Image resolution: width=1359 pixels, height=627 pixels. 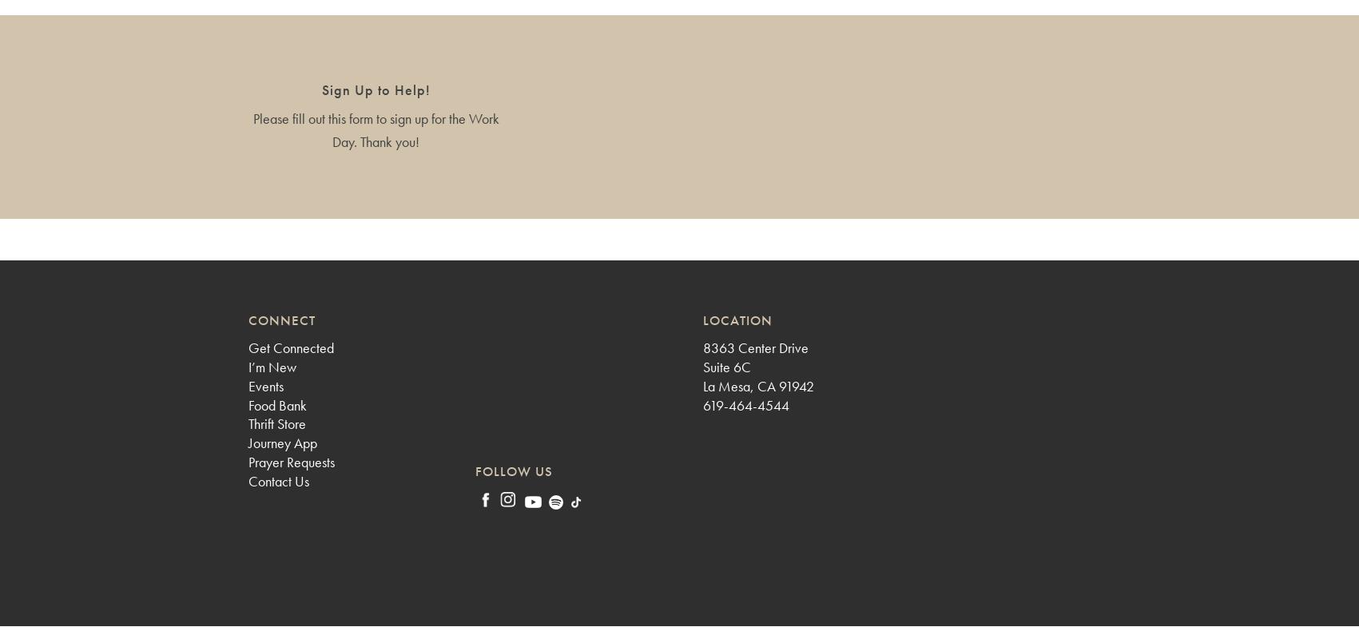 What do you see at coordinates (374, 129) in the screenshot?
I see `'Please fill out this form to sign up for the Work Day. Thank you!'` at bounding box center [374, 129].